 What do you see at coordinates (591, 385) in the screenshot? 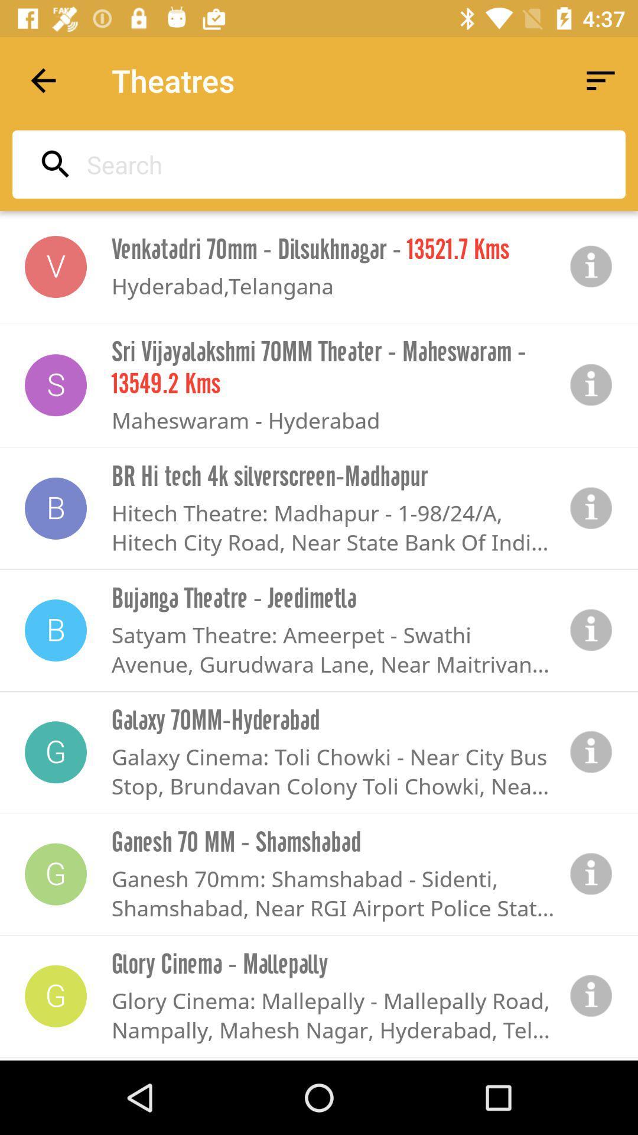
I see `information icon it will show additional information or how to share` at bounding box center [591, 385].